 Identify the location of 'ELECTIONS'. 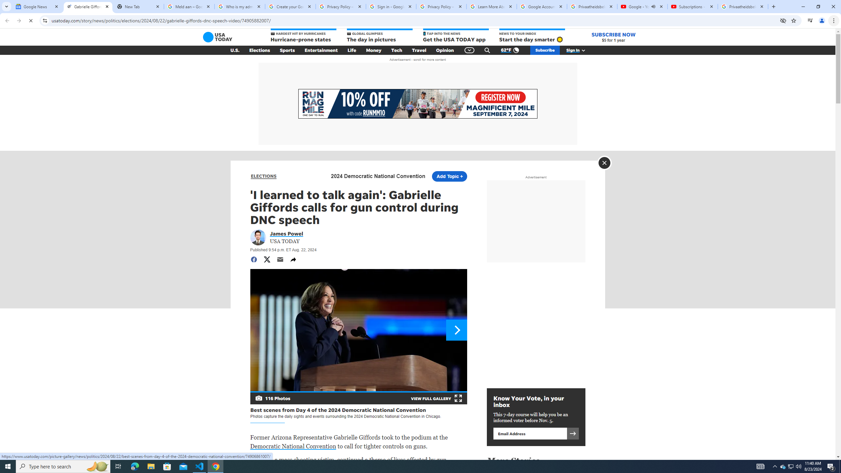
(263, 176).